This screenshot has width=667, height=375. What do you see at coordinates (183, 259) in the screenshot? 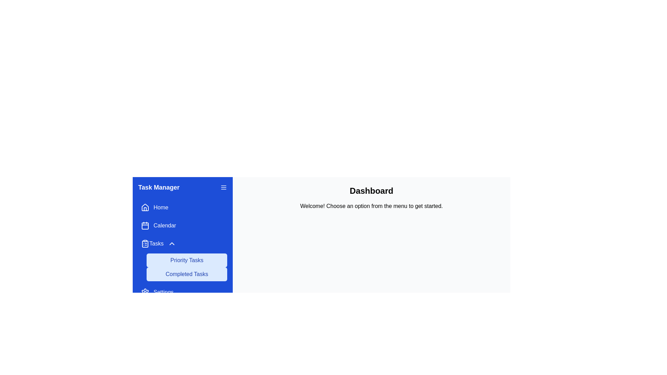
I see `the 'Priority Tasks' list item located in the sidebar under the 'Tasks' expandable section` at bounding box center [183, 259].